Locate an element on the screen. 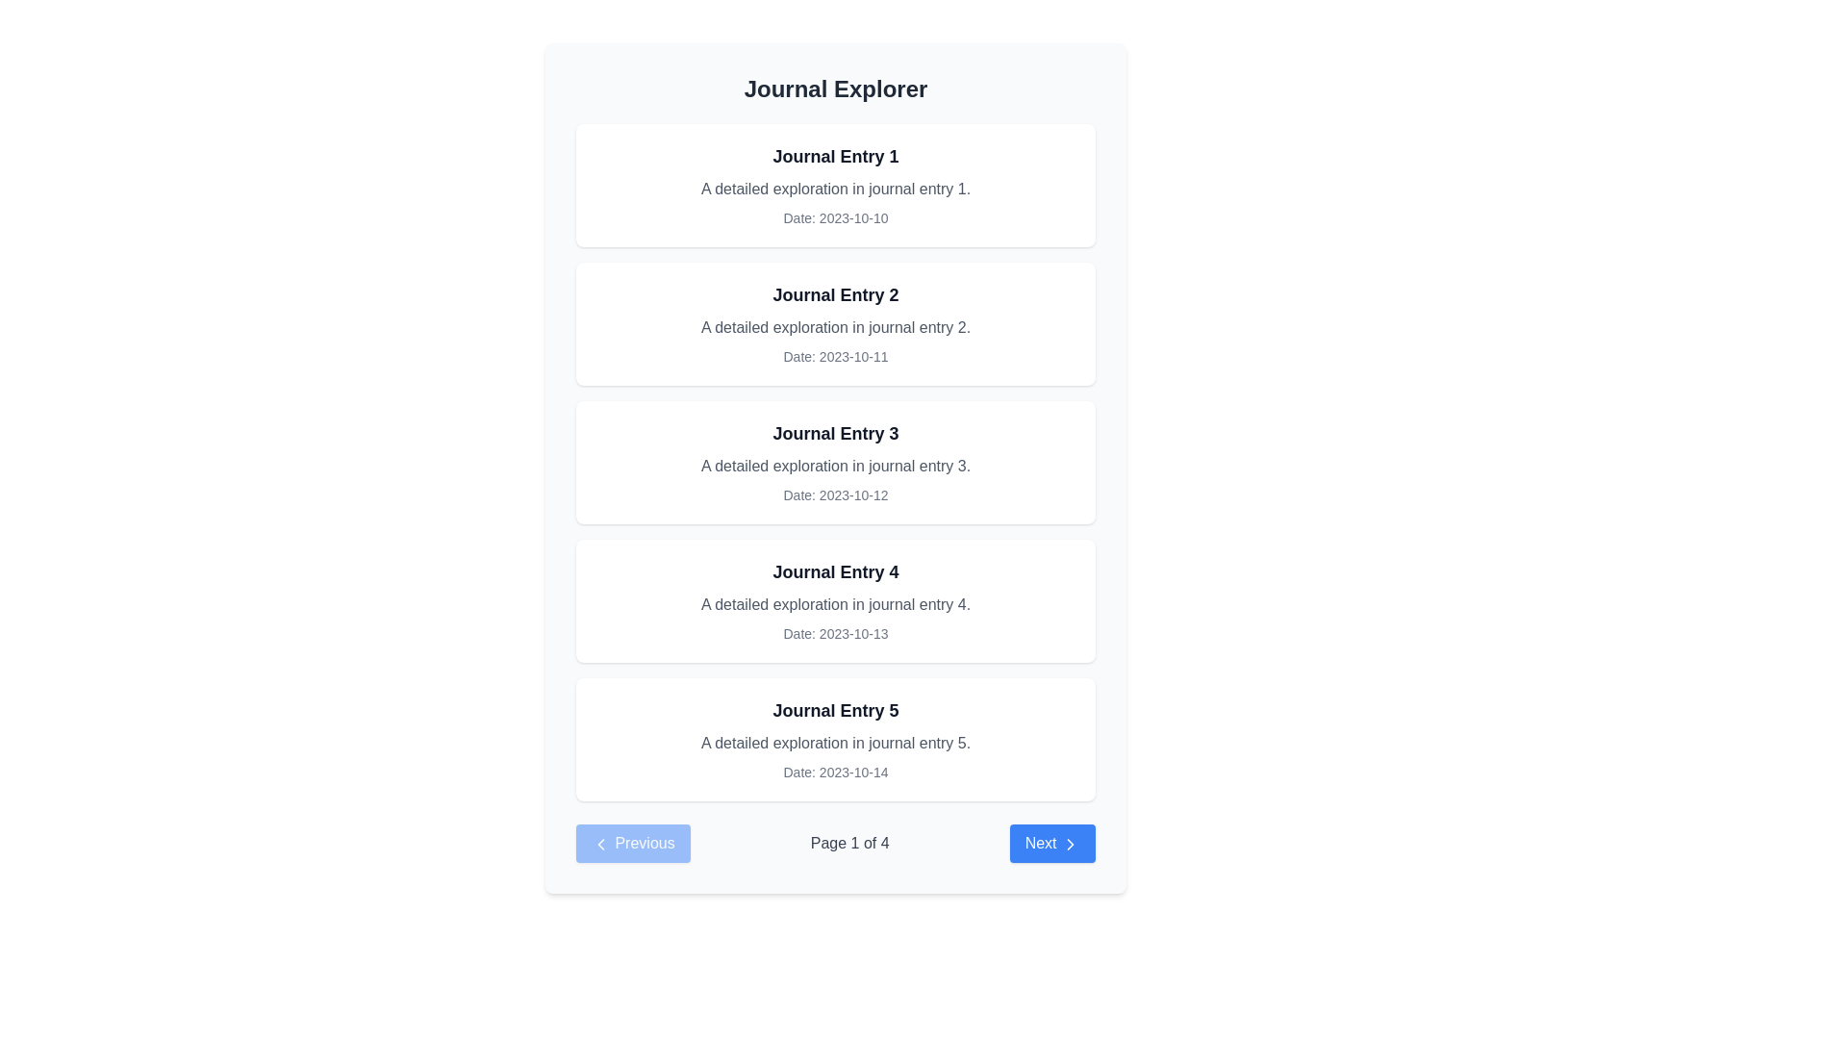  the 'Previous' button, which is a rectangular button with a blue background and white text, located at the bottom-left corner of the pagination controls is located at coordinates (633, 842).